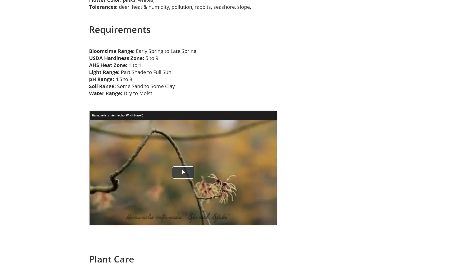  What do you see at coordinates (119, 72) in the screenshot?
I see `'Part Shade to Full Sun'` at bounding box center [119, 72].